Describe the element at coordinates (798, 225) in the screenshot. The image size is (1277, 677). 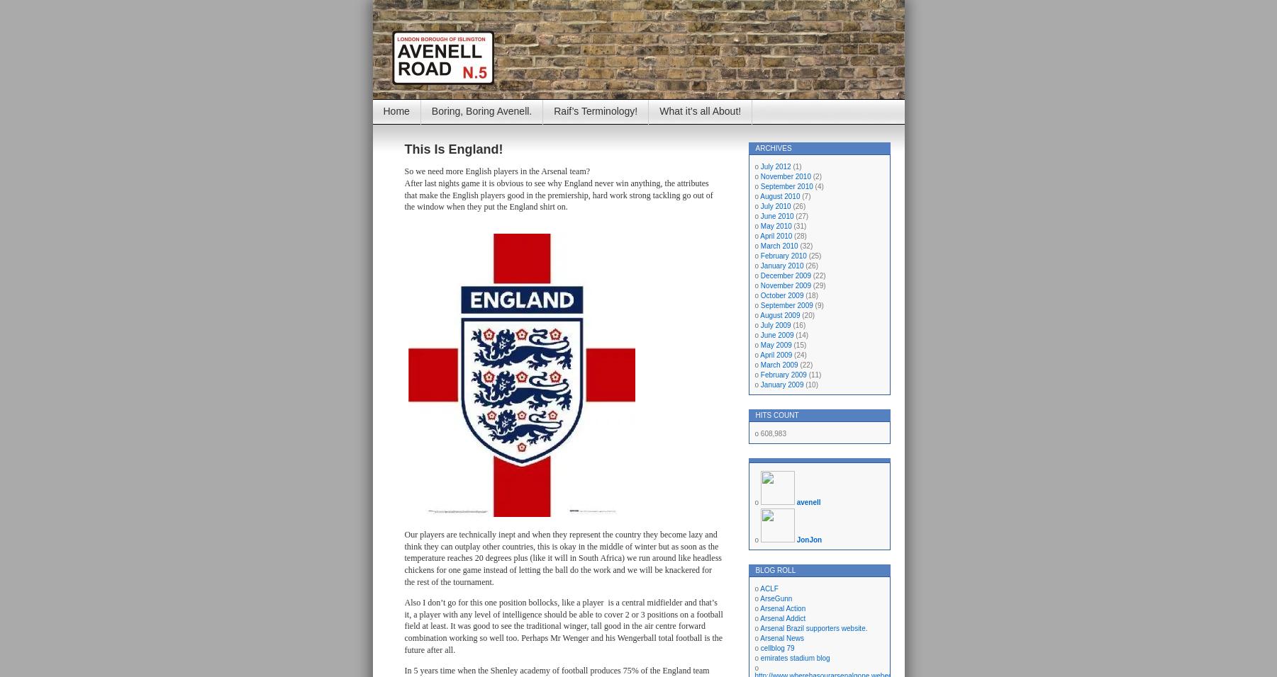
I see `'(31)'` at that location.